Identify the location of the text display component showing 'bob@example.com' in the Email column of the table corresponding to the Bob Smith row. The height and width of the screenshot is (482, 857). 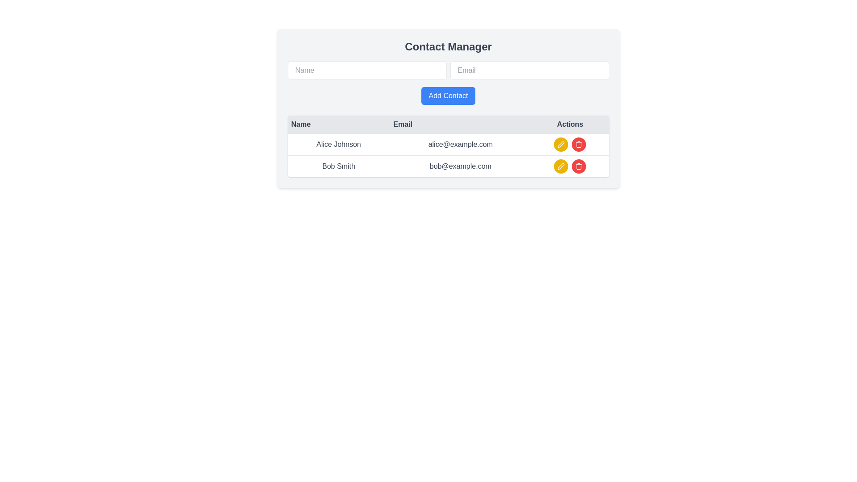
(460, 166).